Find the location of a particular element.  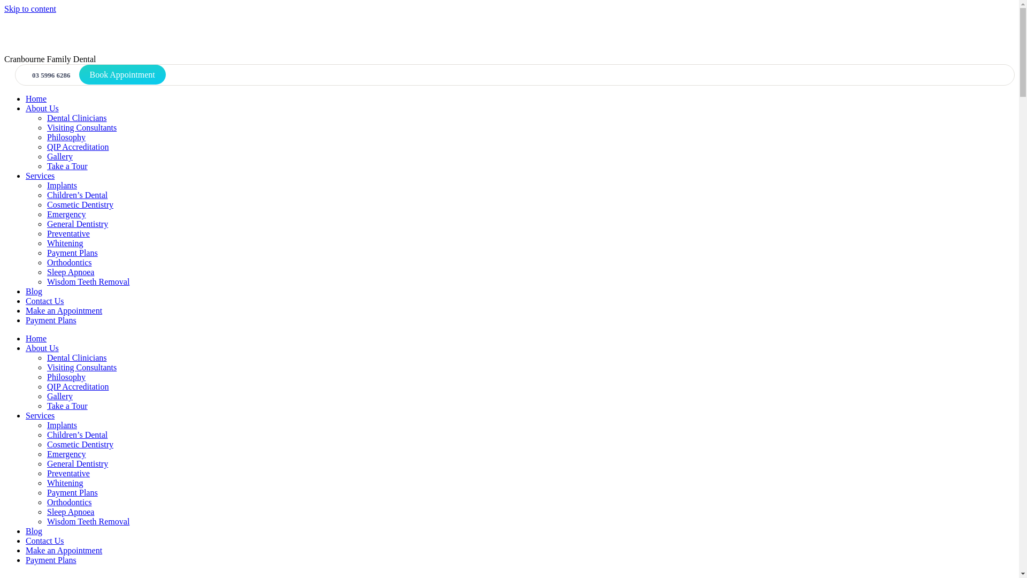

'Dental Clinicians' is located at coordinates (46, 118).